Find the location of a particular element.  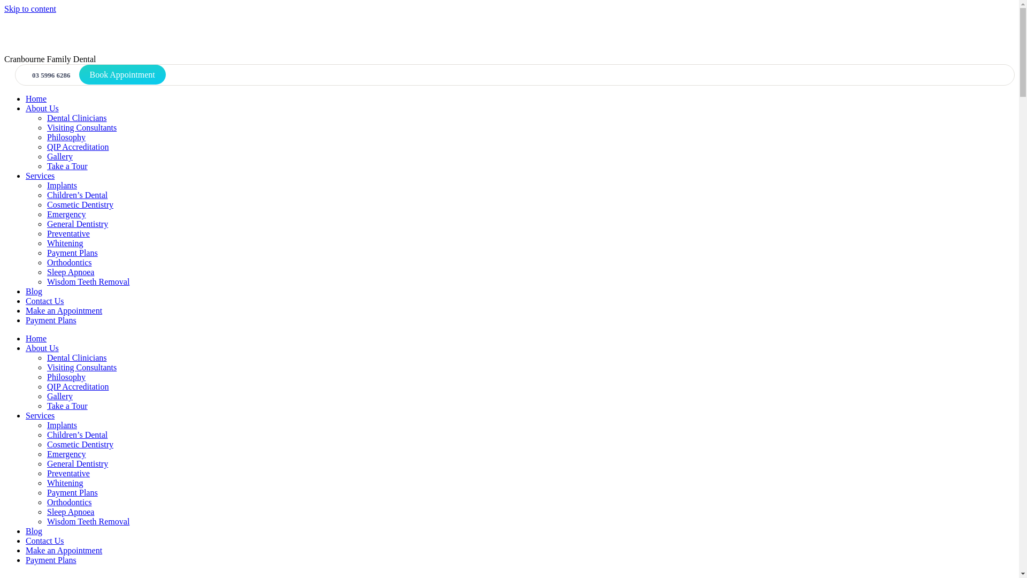

'Dental Clinicians' is located at coordinates (46, 118).